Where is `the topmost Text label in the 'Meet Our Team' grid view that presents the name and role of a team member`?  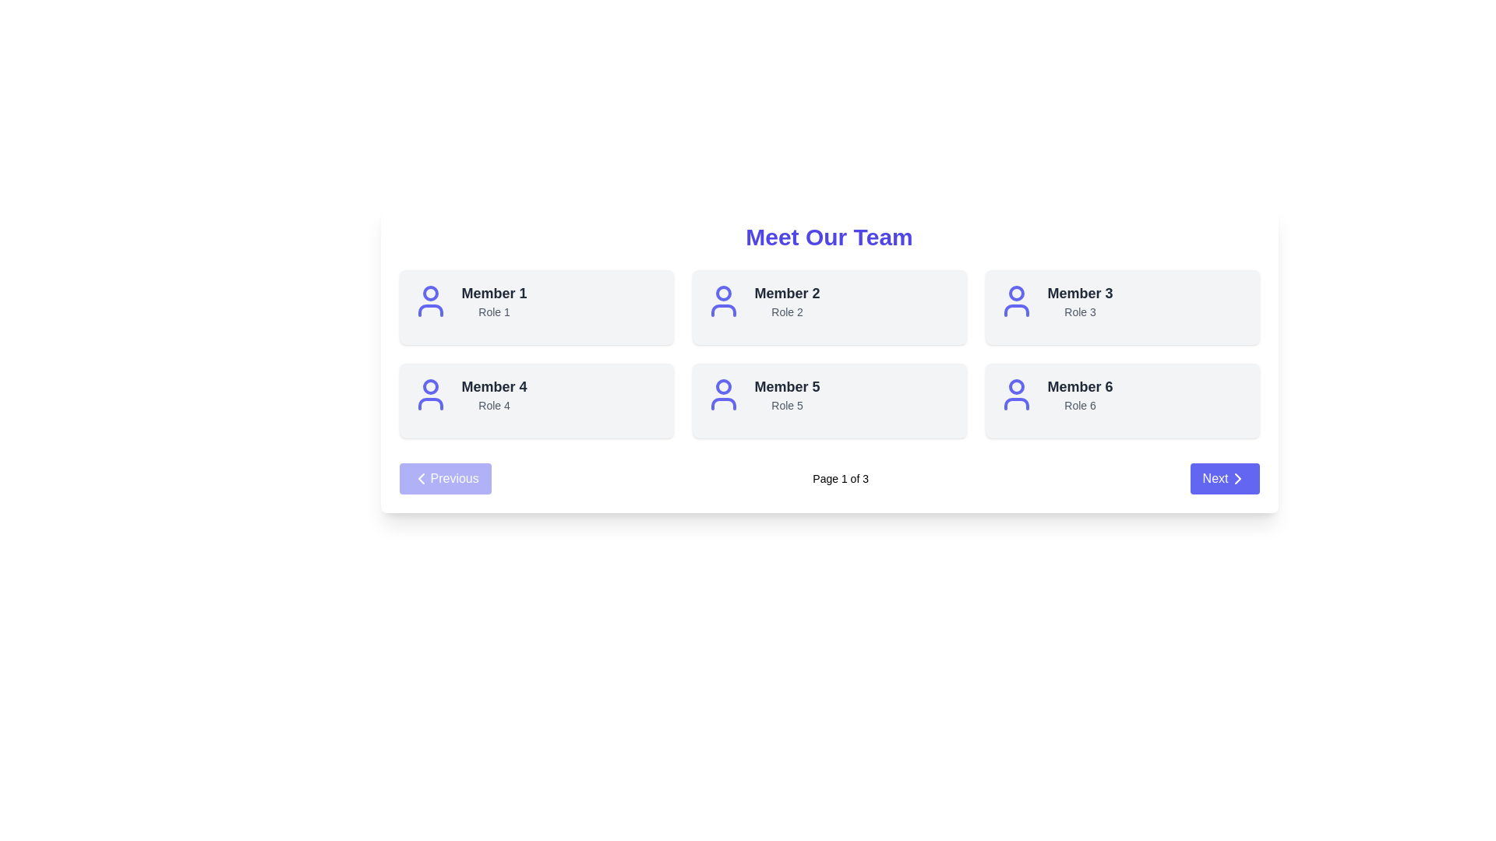 the topmost Text label in the 'Meet Our Team' grid view that presents the name and role of a team member is located at coordinates (493, 301).